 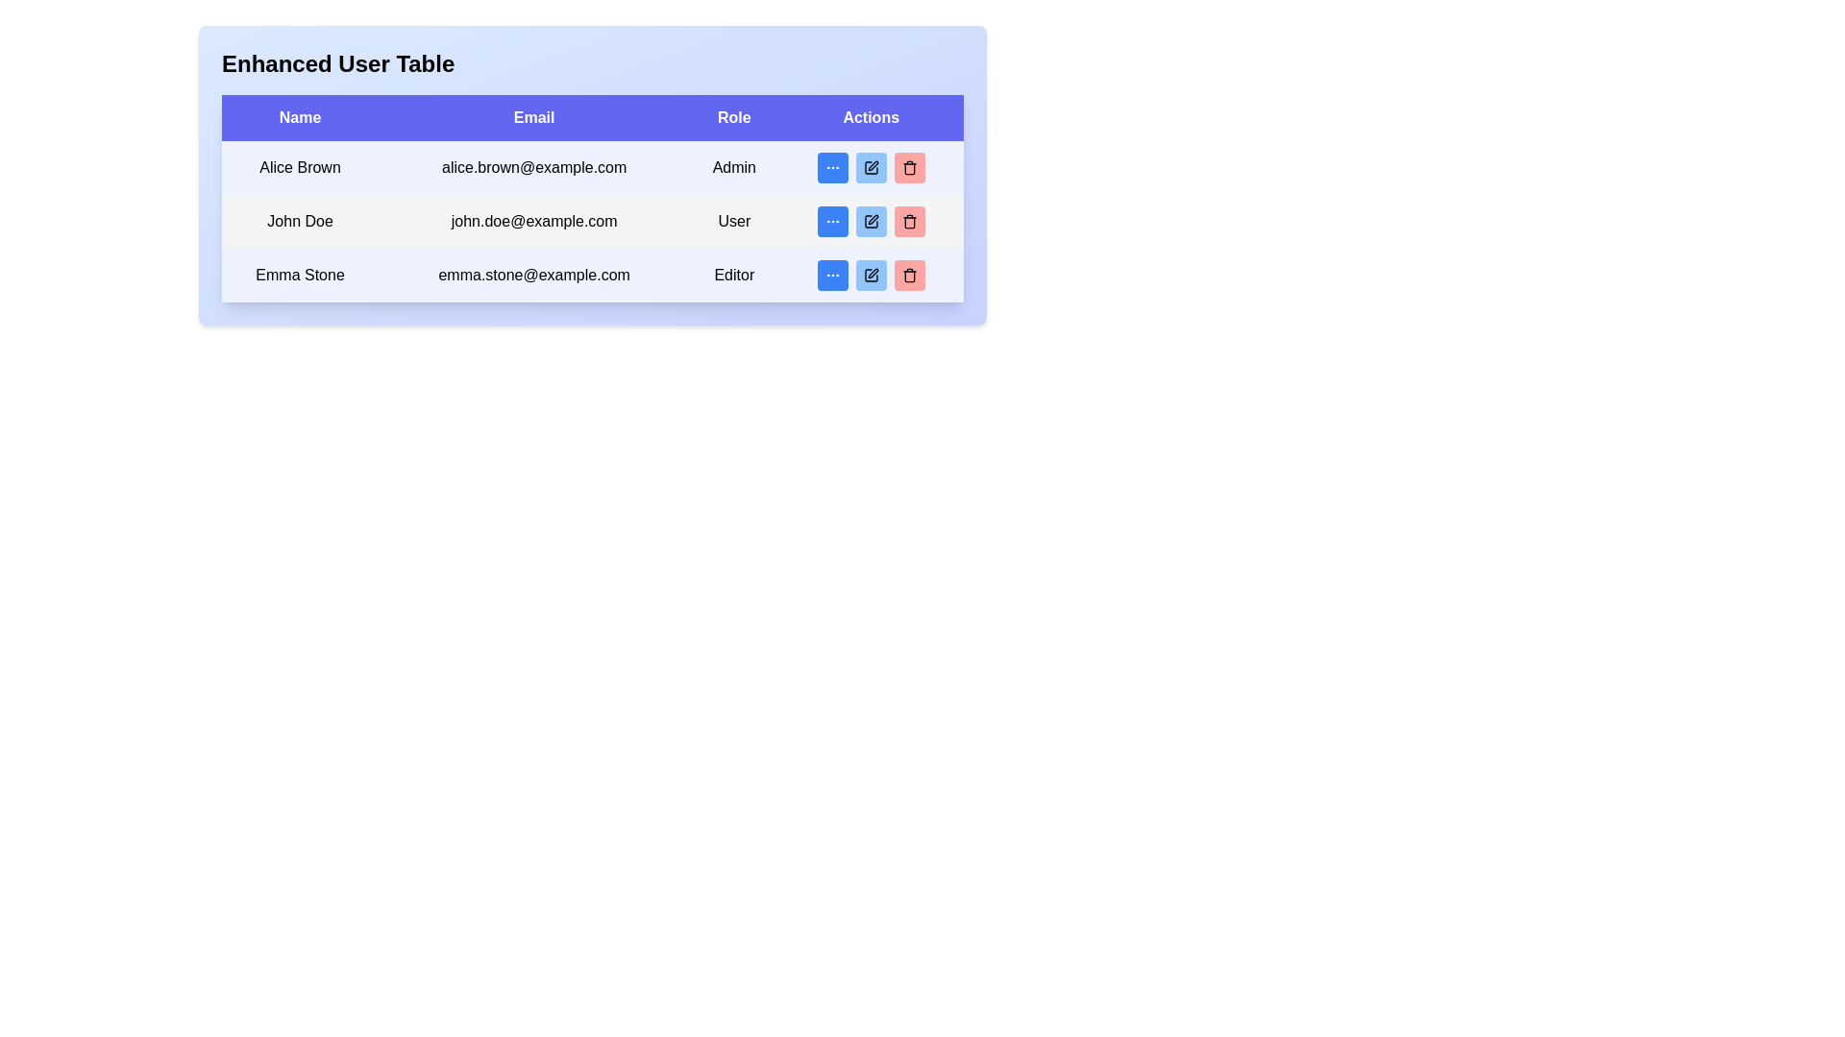 What do you see at coordinates (592, 199) in the screenshot?
I see `the email field displaying 'john.doe@example.com' in the second row of the table under the 'Email' column` at bounding box center [592, 199].